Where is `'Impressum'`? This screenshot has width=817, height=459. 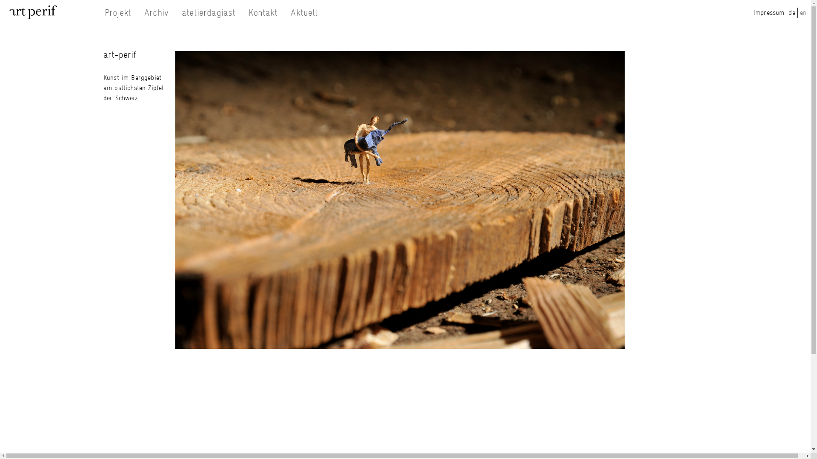 'Impressum' is located at coordinates (768, 12).